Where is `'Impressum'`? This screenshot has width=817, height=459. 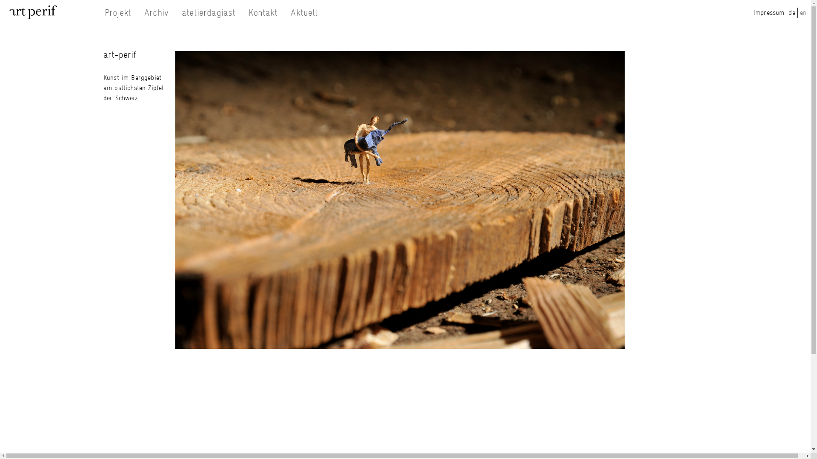 'Impressum' is located at coordinates (768, 12).